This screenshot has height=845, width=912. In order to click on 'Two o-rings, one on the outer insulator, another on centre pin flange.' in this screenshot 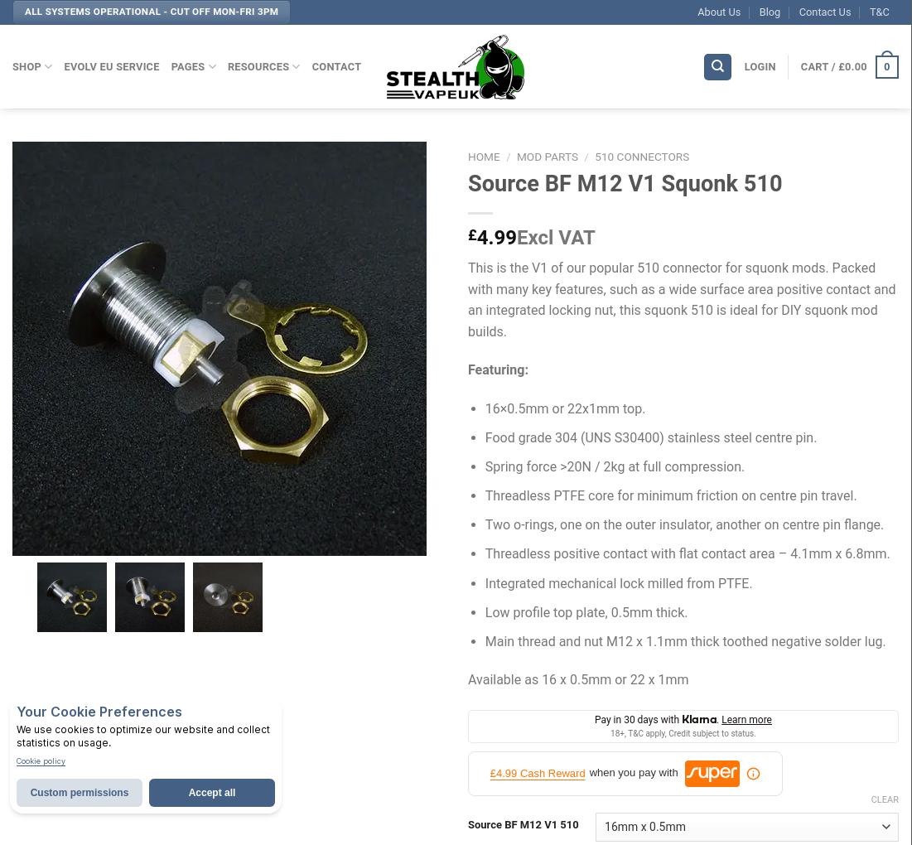, I will do `click(484, 524)`.